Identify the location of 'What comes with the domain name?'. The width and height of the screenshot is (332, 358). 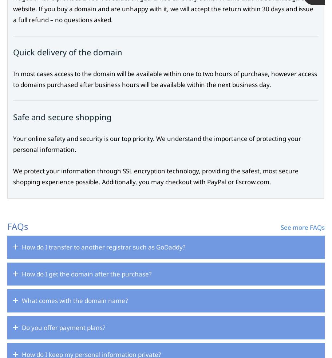
(74, 300).